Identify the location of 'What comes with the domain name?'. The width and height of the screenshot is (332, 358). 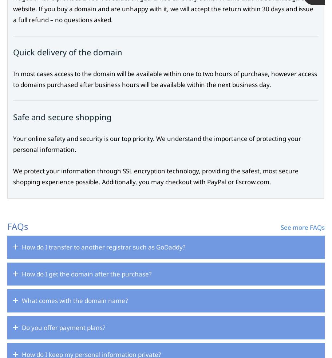
(74, 300).